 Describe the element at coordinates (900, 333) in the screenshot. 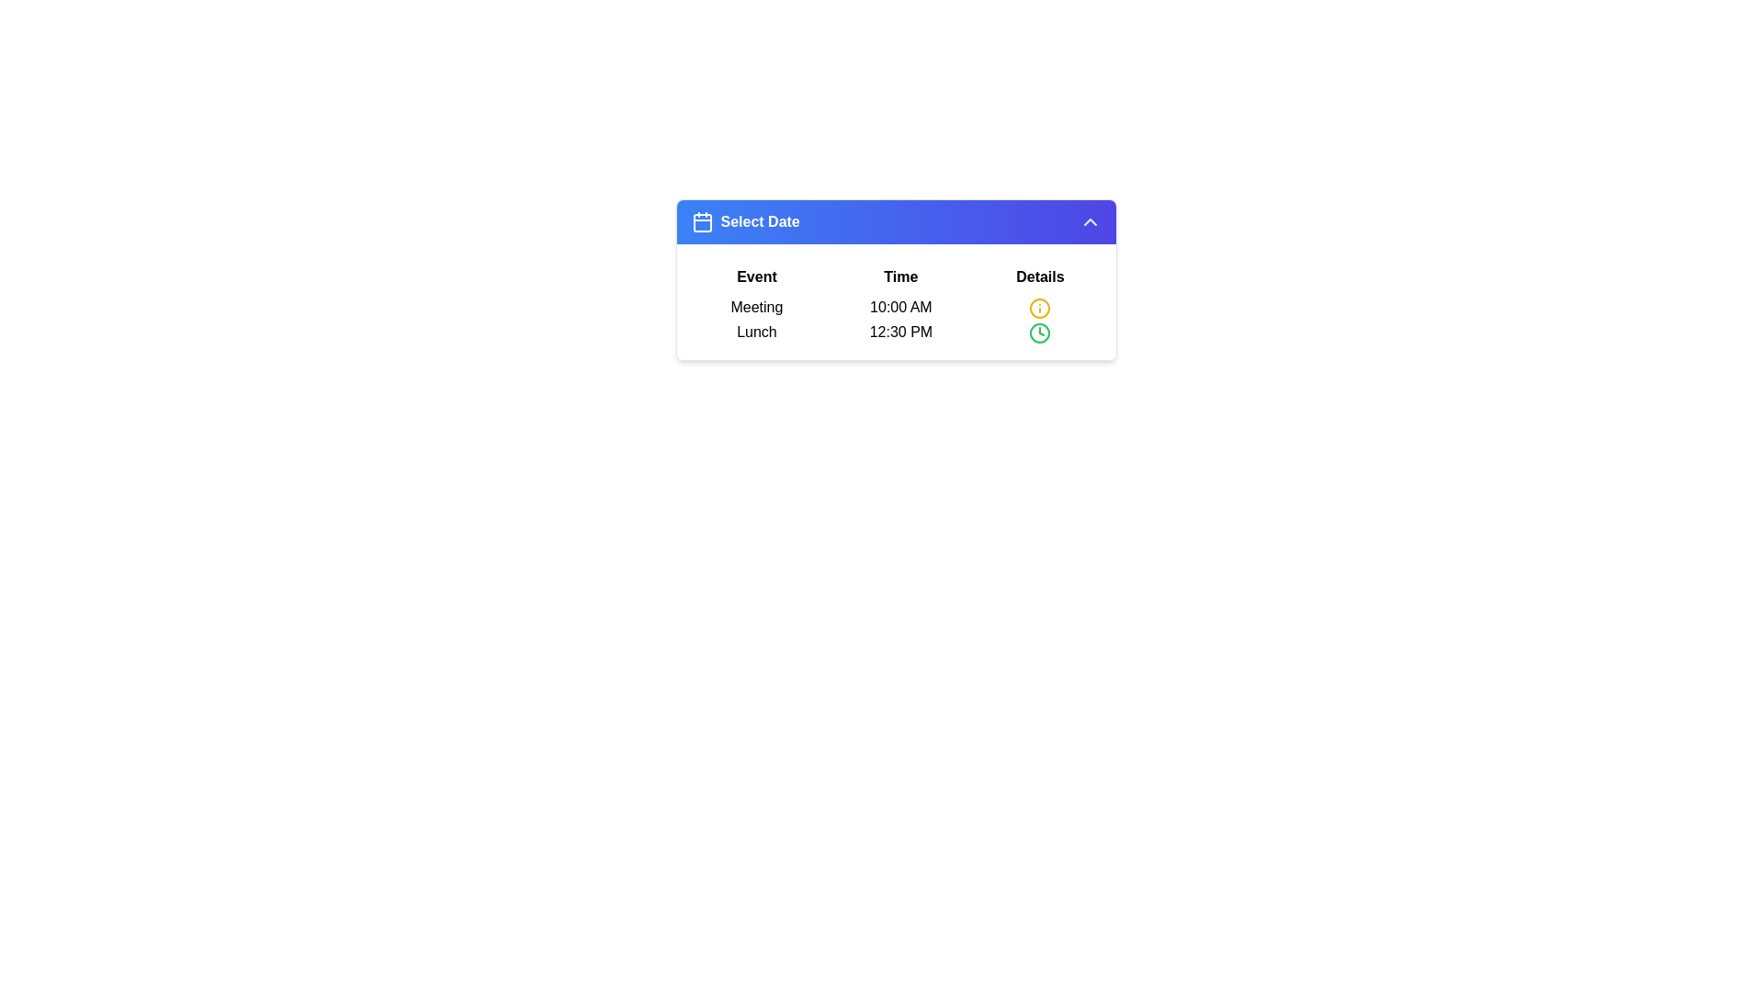

I see `the text label displaying '12:30 PM' in the 'Time' column under the 'Lunch' row` at that location.